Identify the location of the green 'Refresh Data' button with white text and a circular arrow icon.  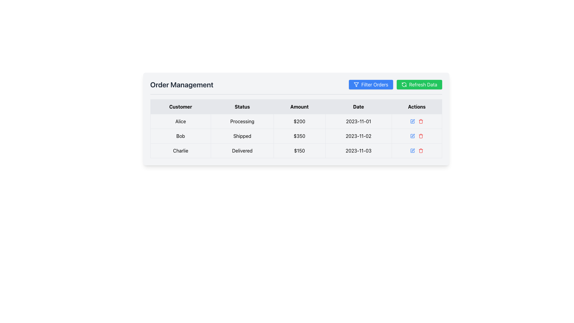
(419, 84).